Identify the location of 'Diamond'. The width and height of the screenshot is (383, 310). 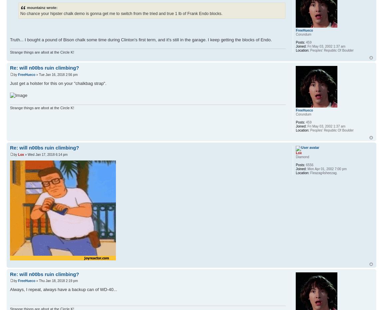
(302, 157).